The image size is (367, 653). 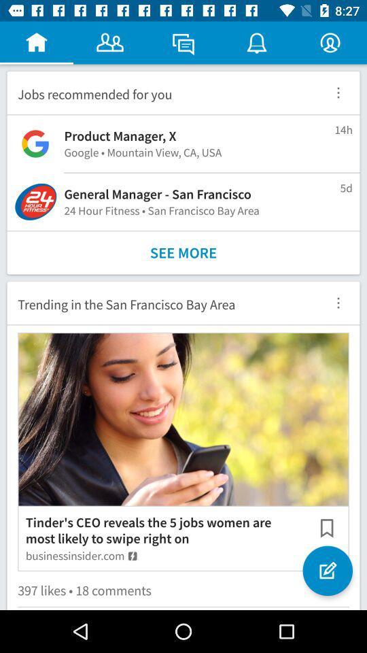 I want to click on trending in the, so click(x=162, y=303).